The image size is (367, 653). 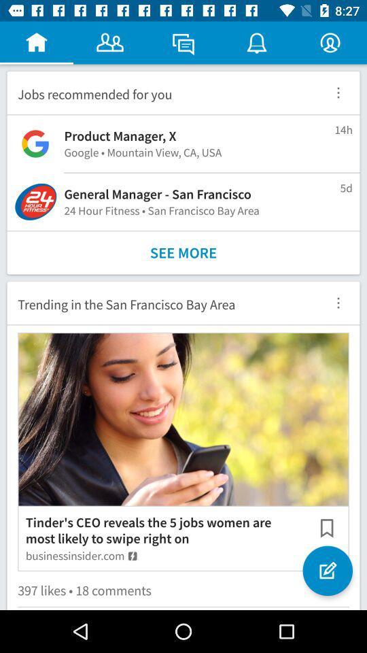 I want to click on trending in the, so click(x=162, y=303).